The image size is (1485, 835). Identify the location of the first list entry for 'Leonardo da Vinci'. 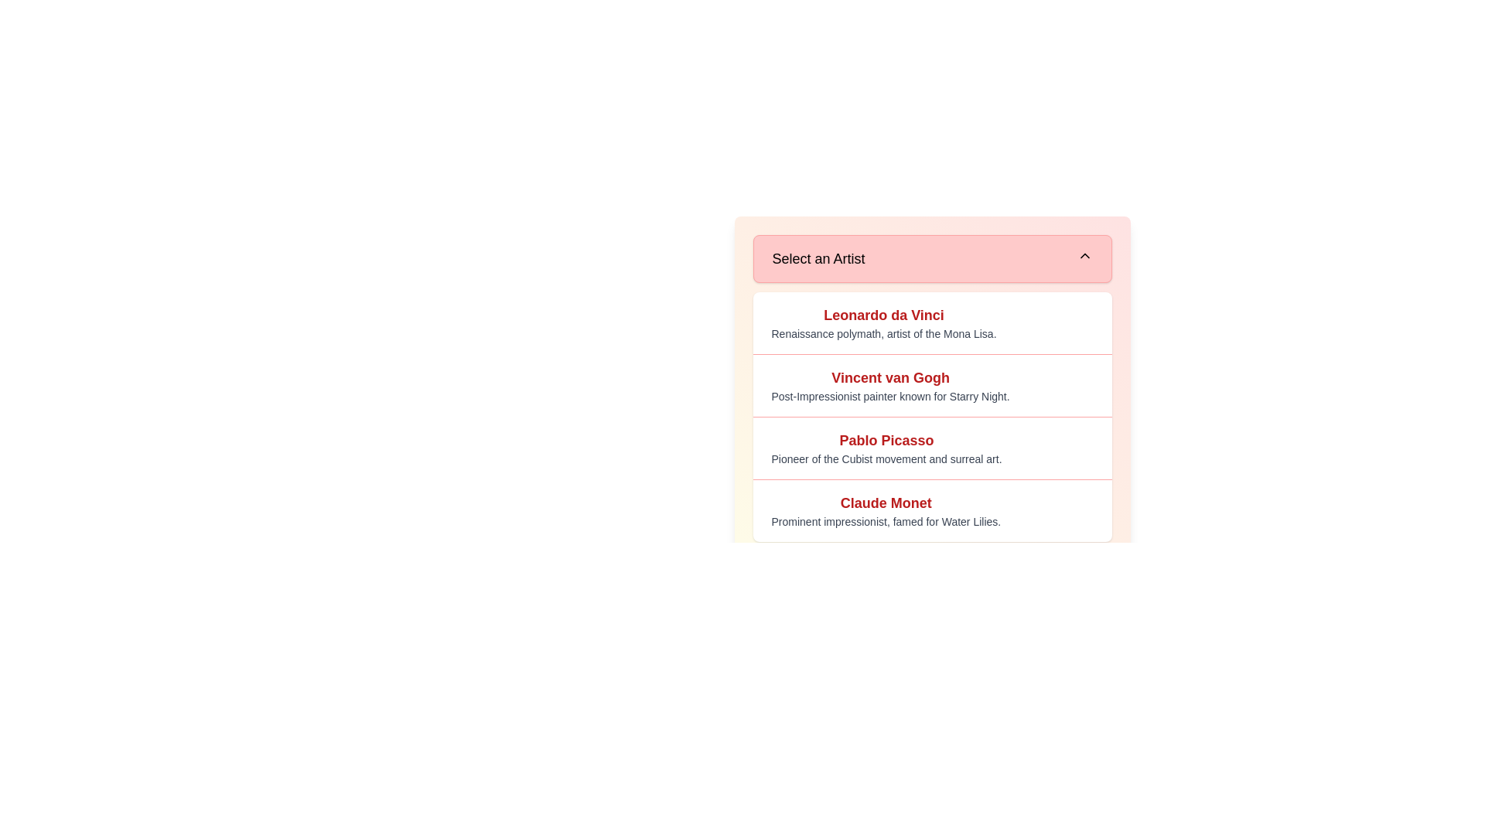
(883, 322).